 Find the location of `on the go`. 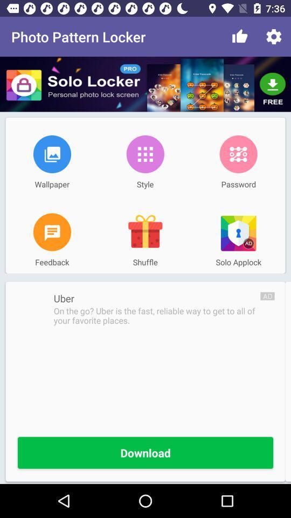

on the go is located at coordinates (156, 316).